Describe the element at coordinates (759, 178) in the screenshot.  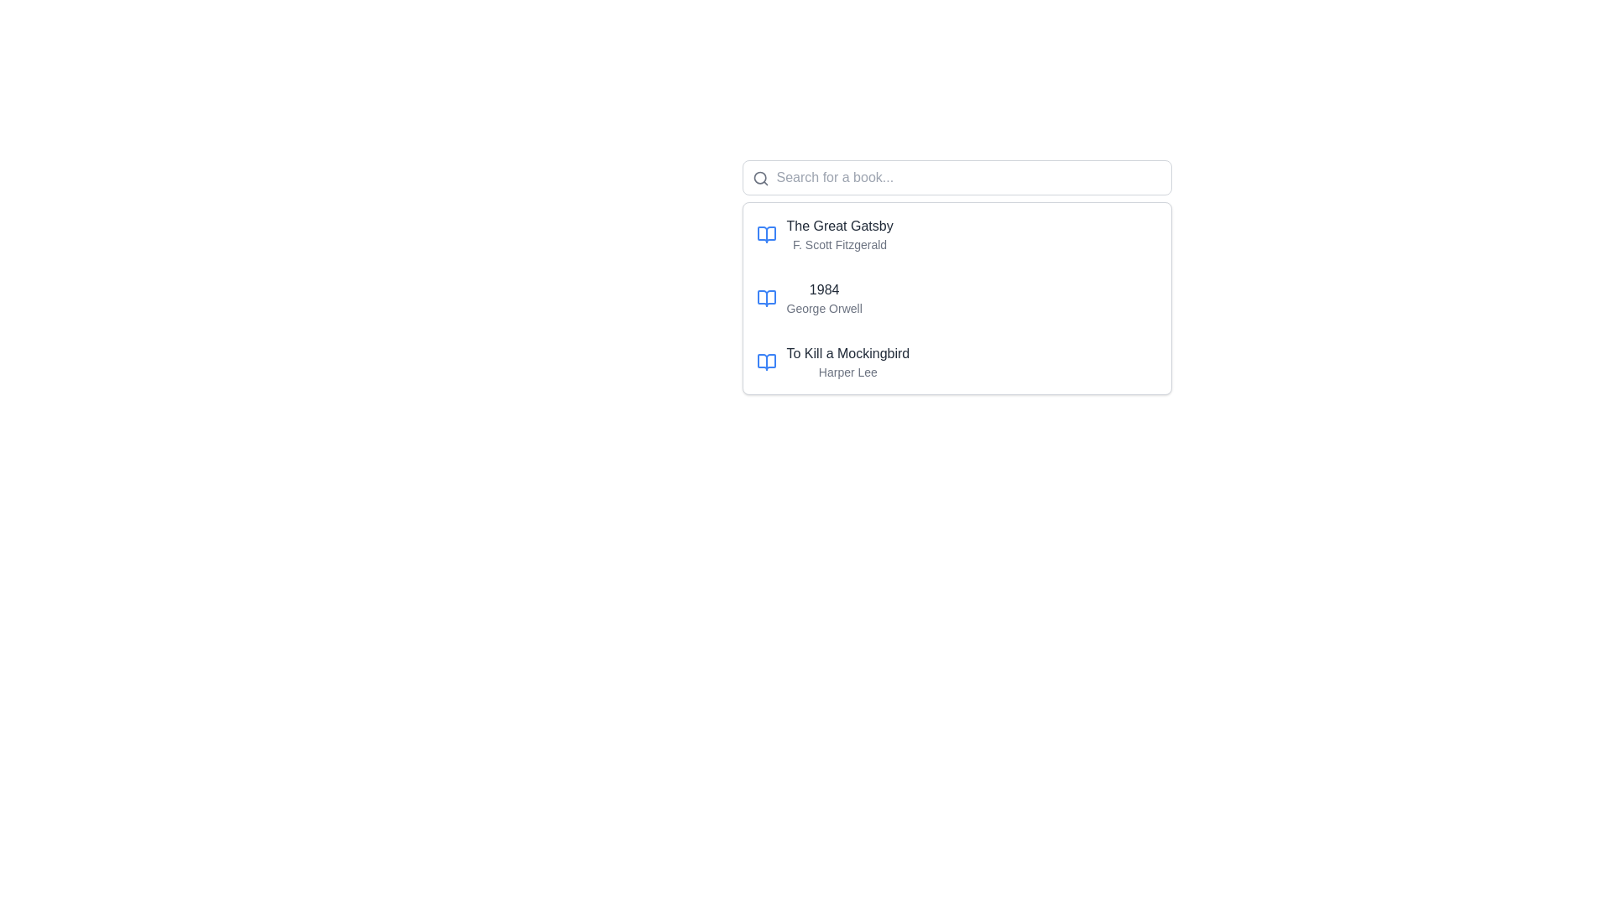
I see `the search icon located at the top-left corner of the search input bar, which has a placeholder text saying 'Search for a book...'` at that location.